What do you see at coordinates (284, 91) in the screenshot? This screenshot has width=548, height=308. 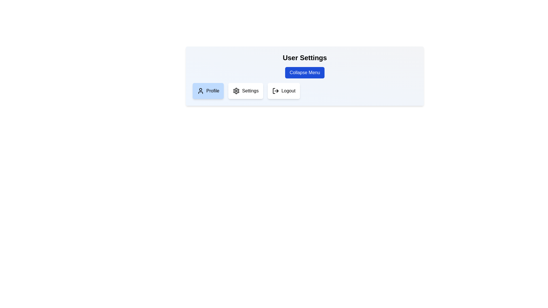 I see `the menu item Logout by clicking on it` at bounding box center [284, 91].